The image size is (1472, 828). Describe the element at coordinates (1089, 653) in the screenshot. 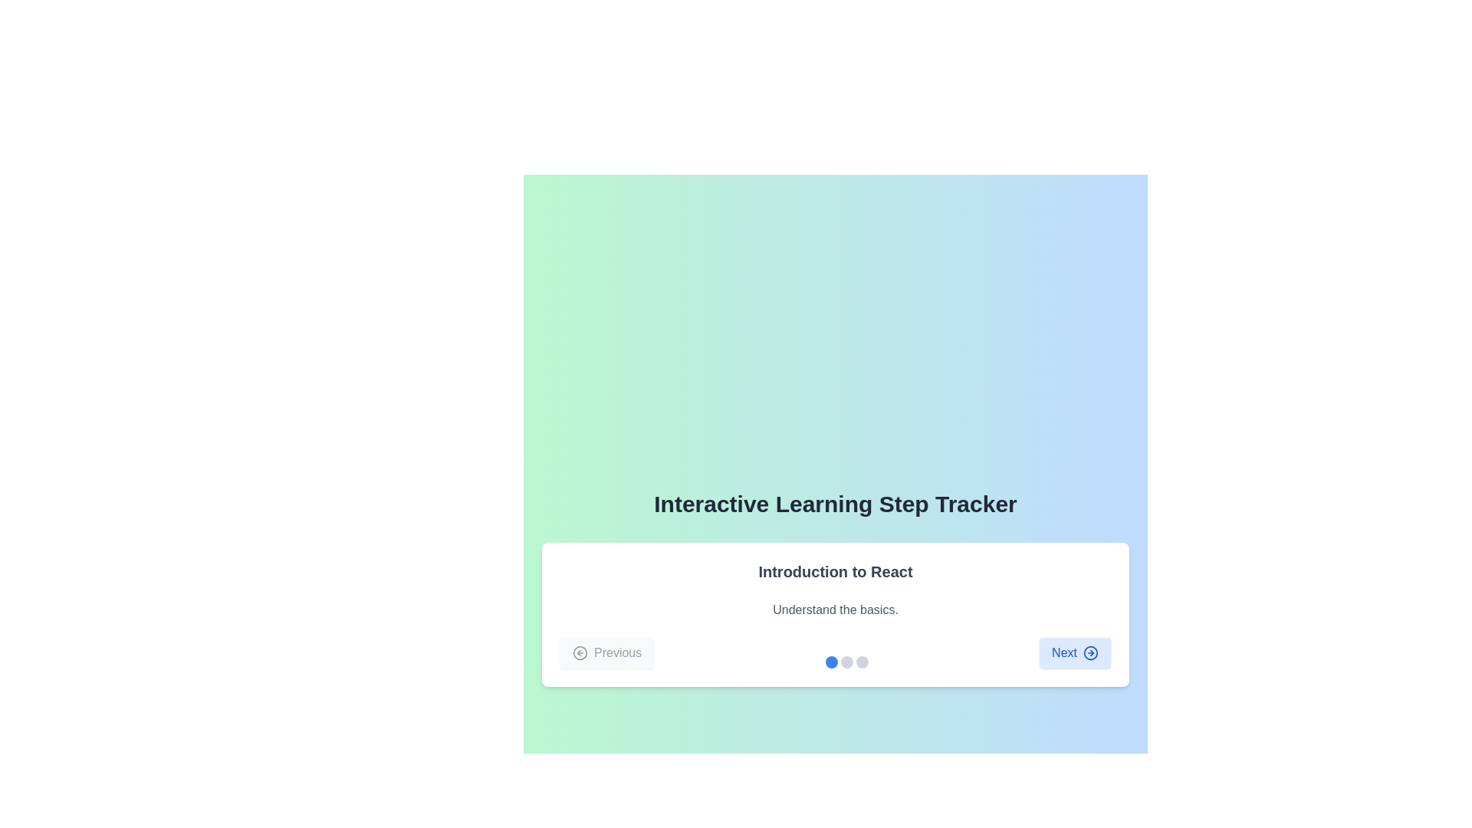

I see `the SVG Circle Component, which is a circular shape with a blue outline and light blue fill, located within the 'Next' button of the 'Interactive Learning Step Tracker' interface` at that location.